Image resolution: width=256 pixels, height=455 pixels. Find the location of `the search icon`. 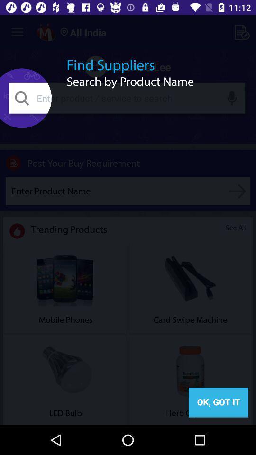

the search icon is located at coordinates (22, 98).